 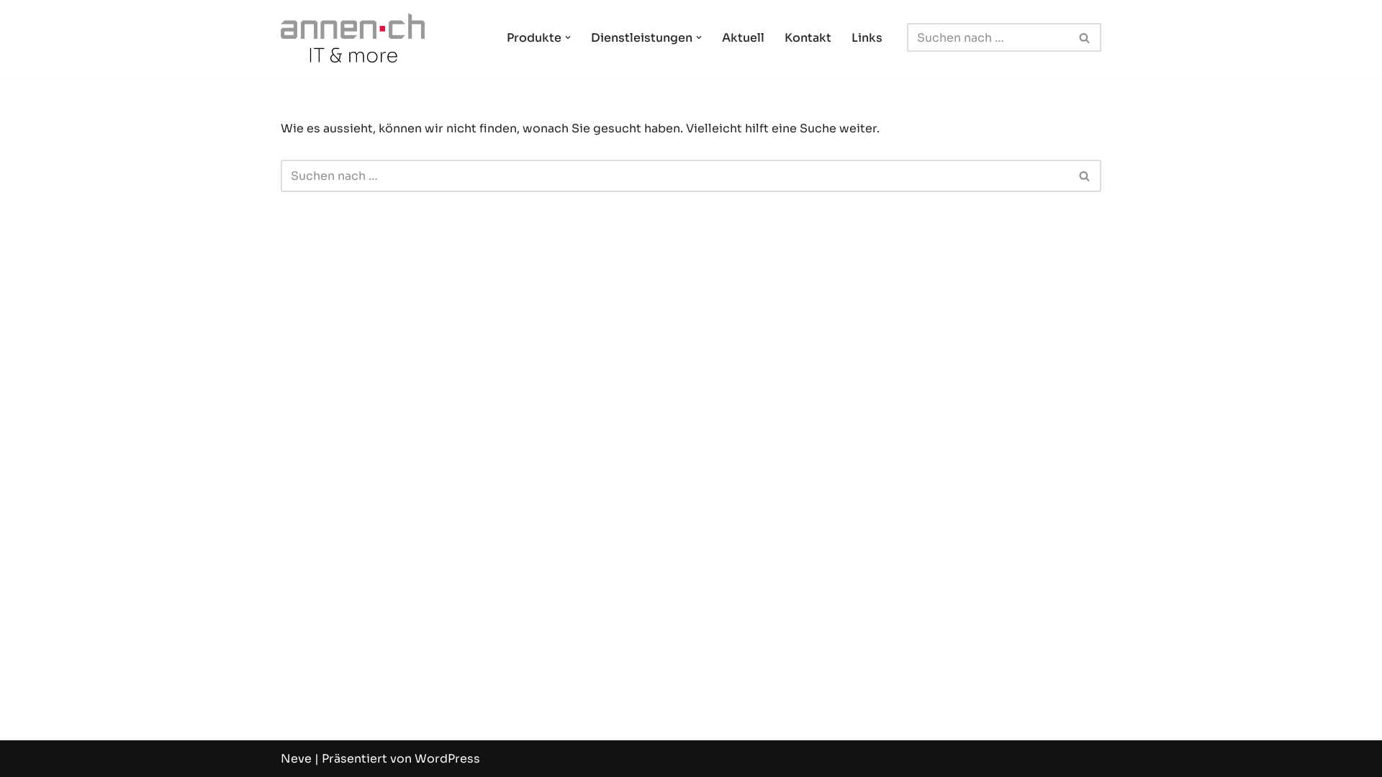 What do you see at coordinates (851, 37) in the screenshot?
I see `'Links'` at bounding box center [851, 37].